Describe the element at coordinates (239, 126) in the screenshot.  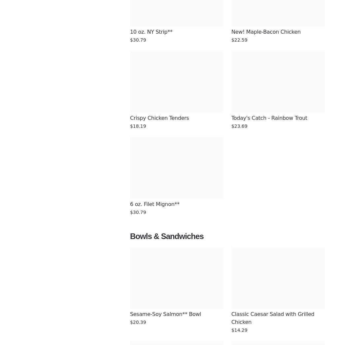
I see `'$23.69'` at that location.